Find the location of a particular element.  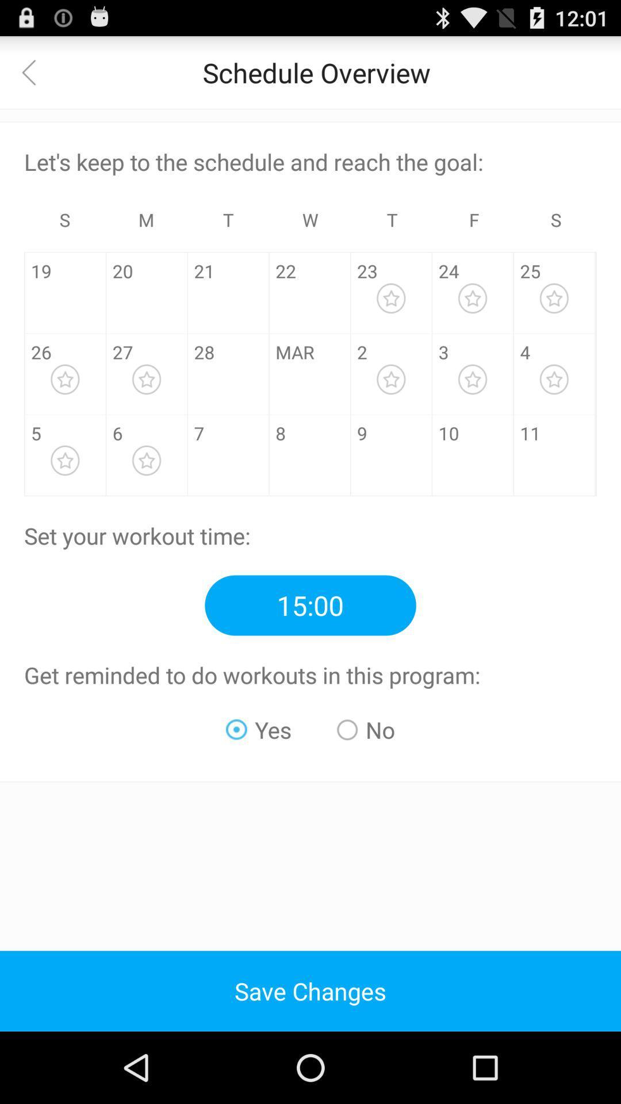

the radio button next to yes radio button is located at coordinates (366, 729).